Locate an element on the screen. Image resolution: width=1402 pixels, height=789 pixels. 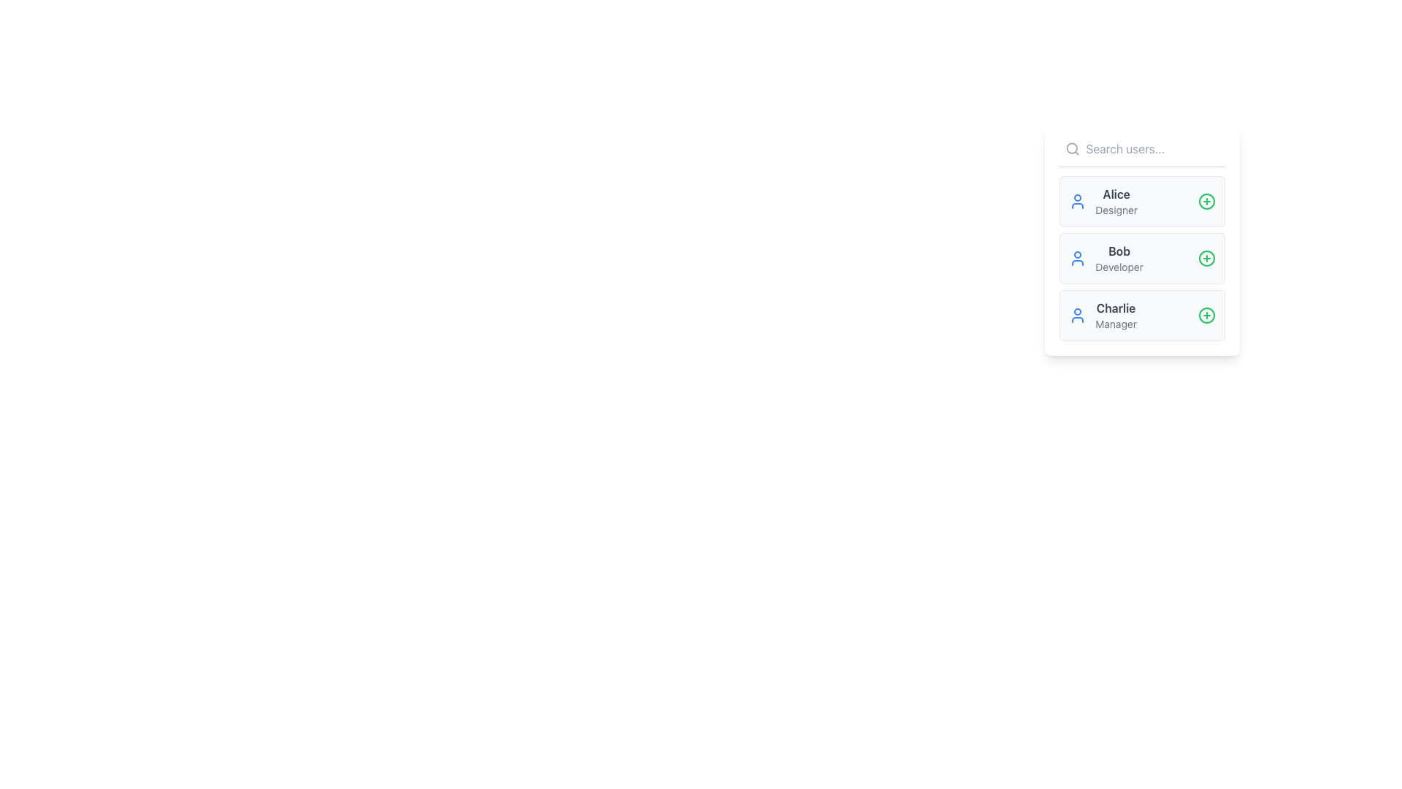
the decorative graphical element which is a circular shape with a green outline, located inside the second item of a vertical list styled as a plus button is located at coordinates (1206, 202).